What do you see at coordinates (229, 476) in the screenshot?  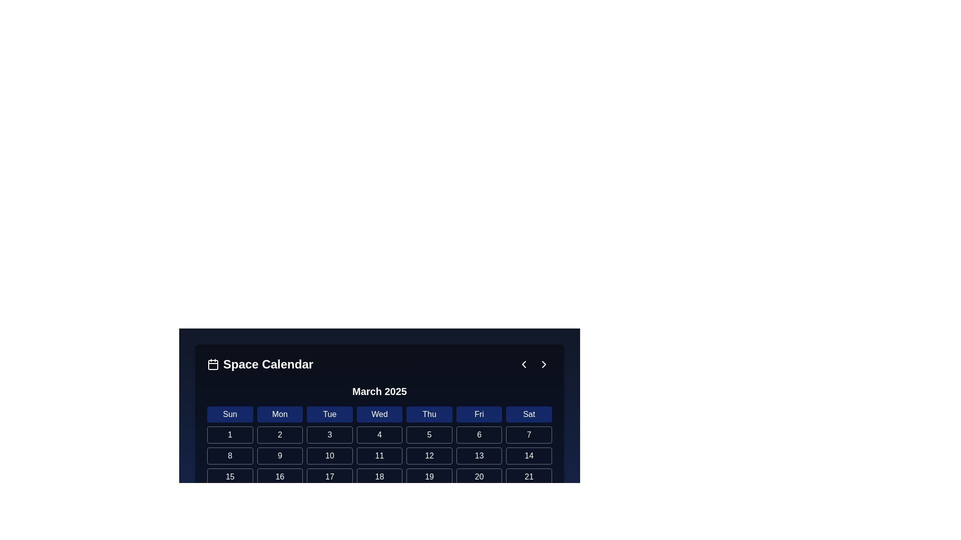 I see `the Calendar Day Box displaying the number '15'` at bounding box center [229, 476].